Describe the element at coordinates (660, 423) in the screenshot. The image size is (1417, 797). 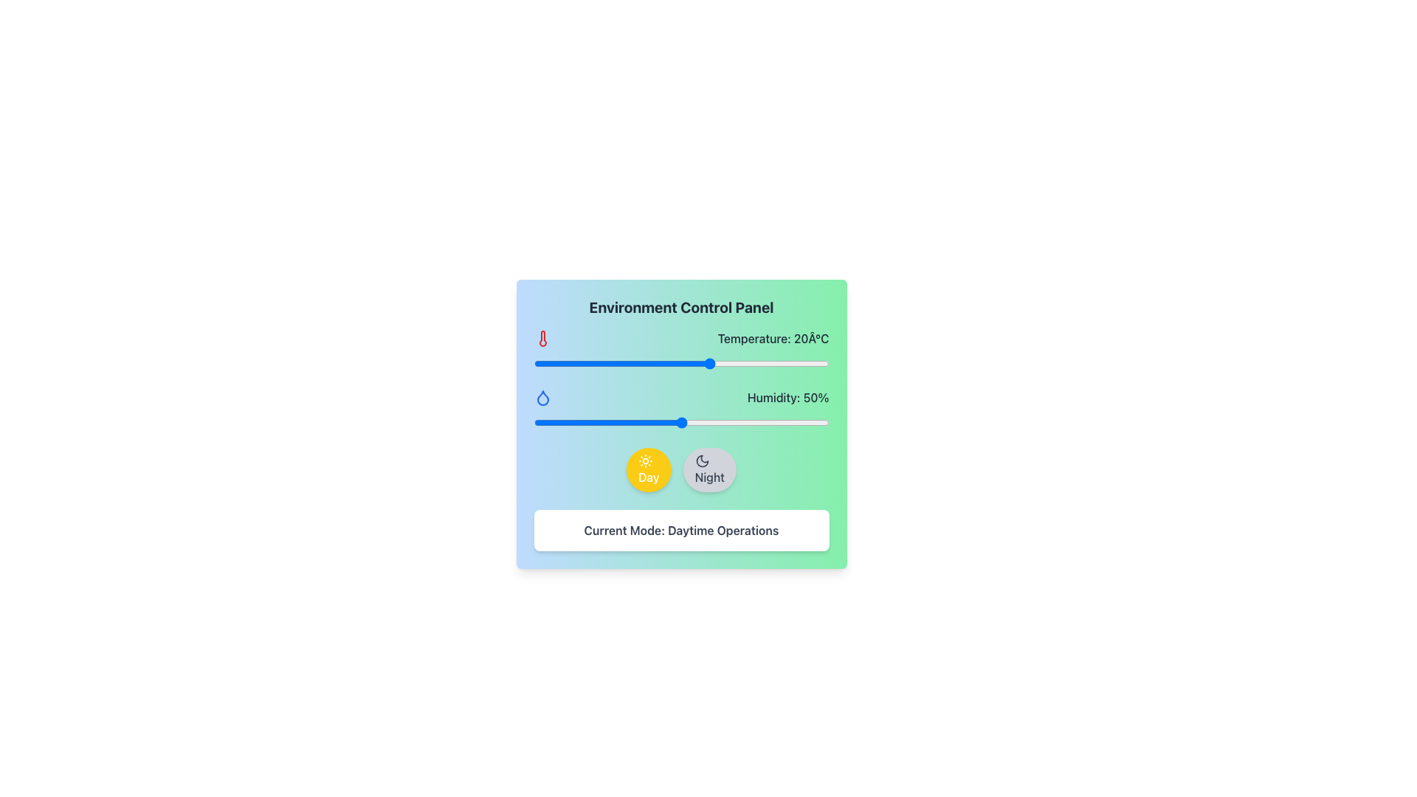
I see `the humidity level` at that location.